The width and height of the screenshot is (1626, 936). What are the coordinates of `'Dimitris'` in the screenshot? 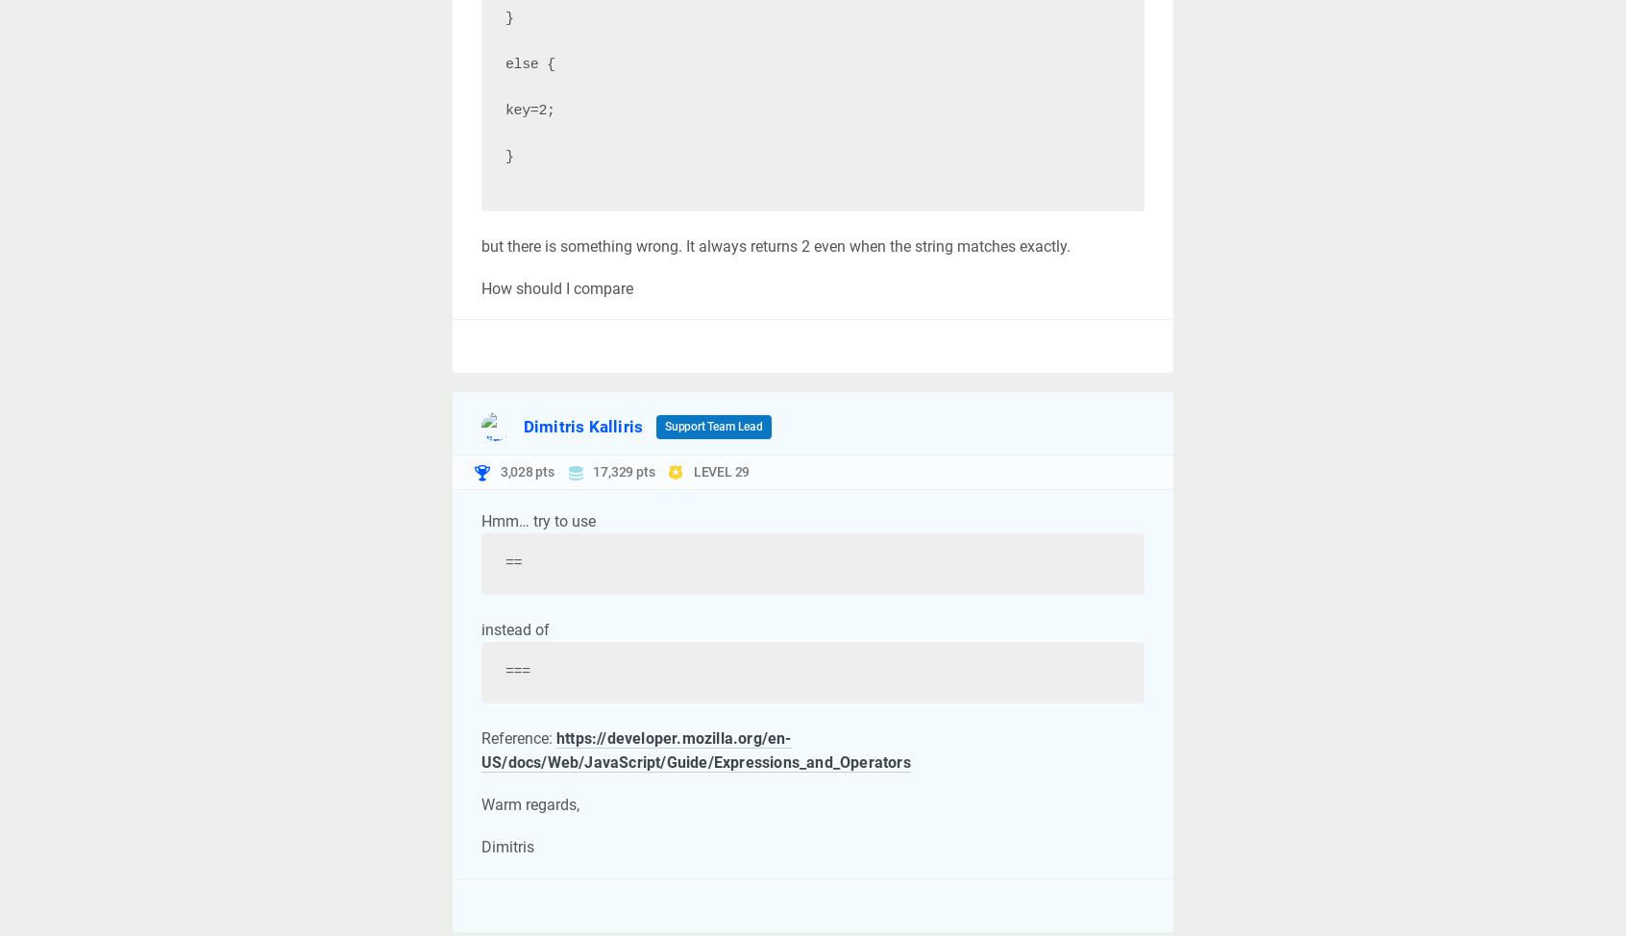 It's located at (481, 847).